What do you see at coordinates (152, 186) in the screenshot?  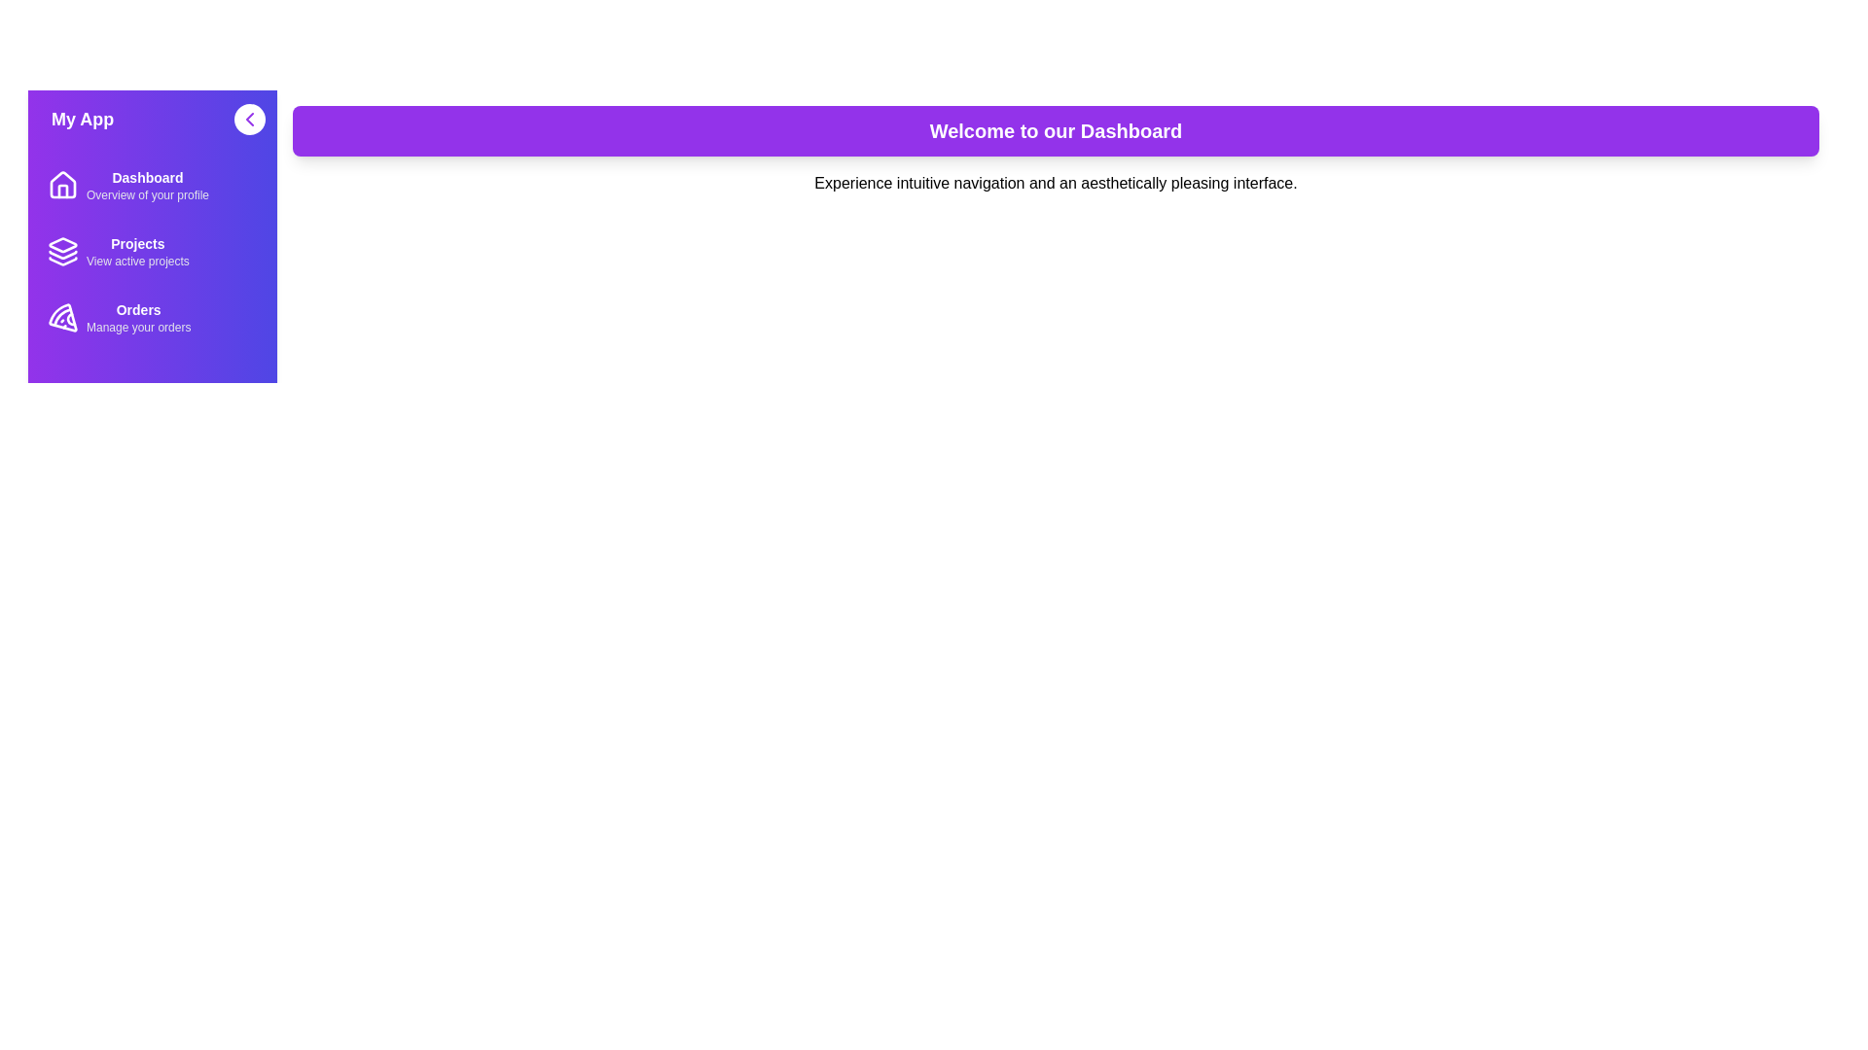 I see `the 'Dashboard' menu item to navigate` at bounding box center [152, 186].